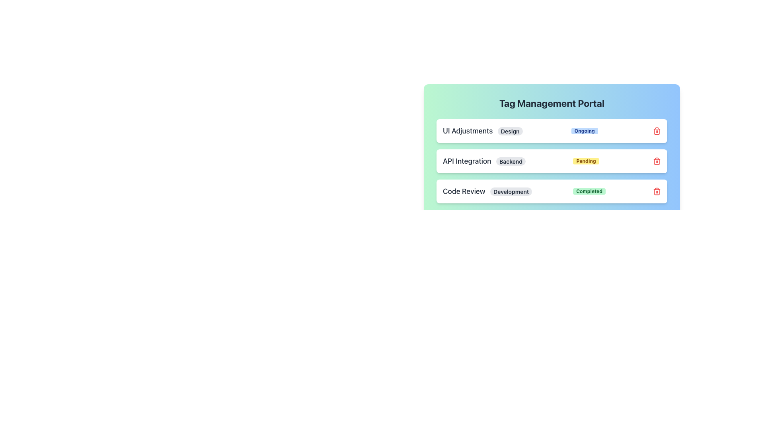 This screenshot has width=764, height=429. Describe the element at coordinates (511, 161) in the screenshot. I see `the small, rounded label with a light gray background and bold, black text reading 'Backend', which is positioned towards the right side of the text 'API Integration' in the Tag Management Portal` at that location.